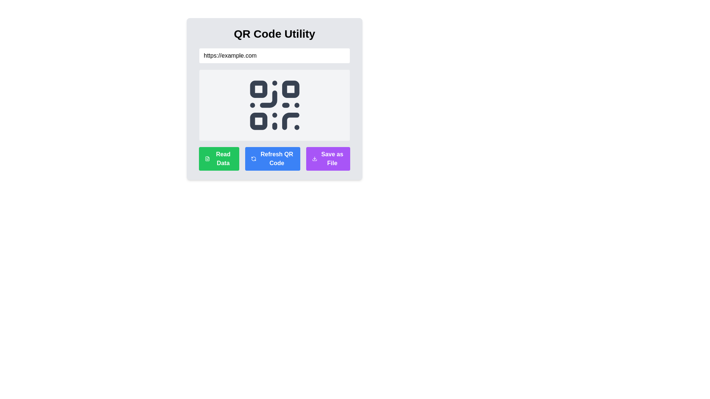 The image size is (710, 399). Describe the element at coordinates (274, 158) in the screenshot. I see `the refresh button located between the 'Read Data' button and the 'Save as File' button` at that location.